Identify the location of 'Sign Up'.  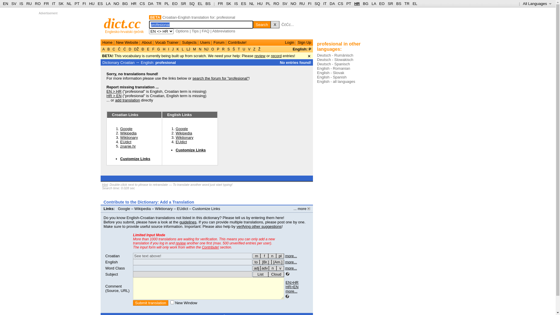
(298, 42).